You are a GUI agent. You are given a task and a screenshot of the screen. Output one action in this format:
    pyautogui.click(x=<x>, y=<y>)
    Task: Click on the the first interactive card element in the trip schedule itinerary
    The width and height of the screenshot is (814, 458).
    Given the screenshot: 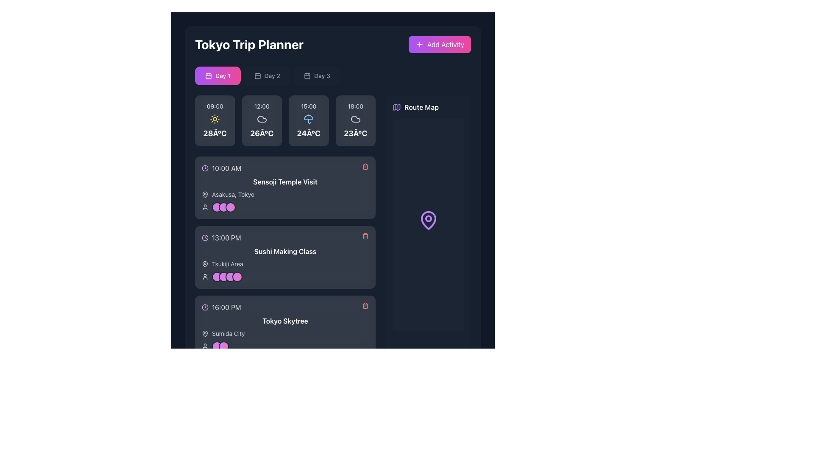 What is the action you would take?
    pyautogui.click(x=285, y=187)
    